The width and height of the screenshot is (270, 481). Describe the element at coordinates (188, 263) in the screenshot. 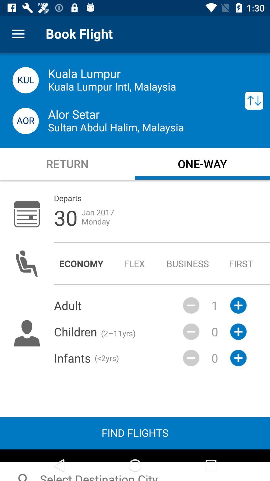

I see `business item` at that location.